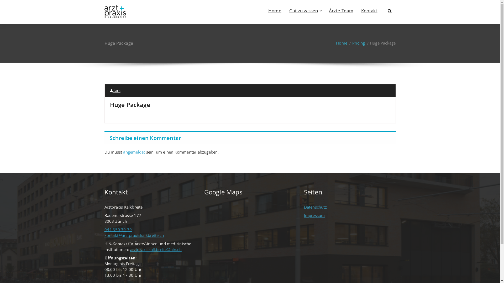 Image resolution: width=504 pixels, height=283 pixels. Describe the element at coordinates (118, 229) in the screenshot. I see `'044 350 39 39'` at that location.